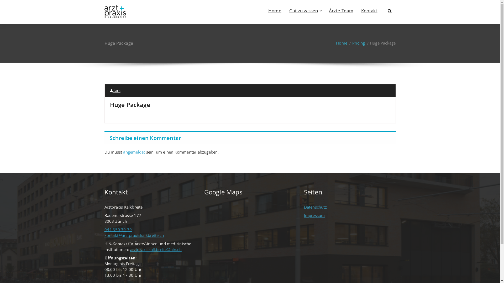 Image resolution: width=504 pixels, height=283 pixels. Describe the element at coordinates (118, 229) in the screenshot. I see `'044 350 39 39'` at that location.